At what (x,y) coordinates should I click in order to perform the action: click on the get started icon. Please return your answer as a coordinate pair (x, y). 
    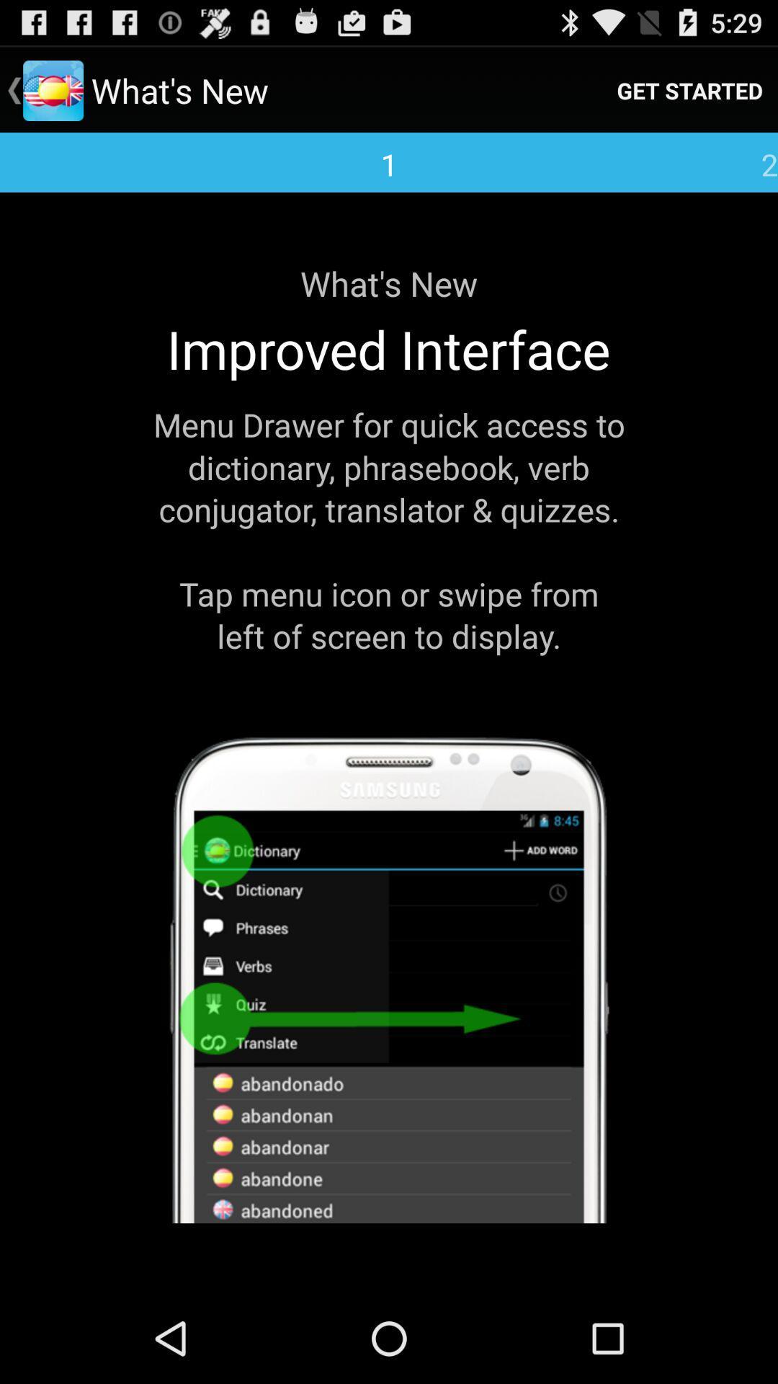
    Looking at the image, I should click on (689, 89).